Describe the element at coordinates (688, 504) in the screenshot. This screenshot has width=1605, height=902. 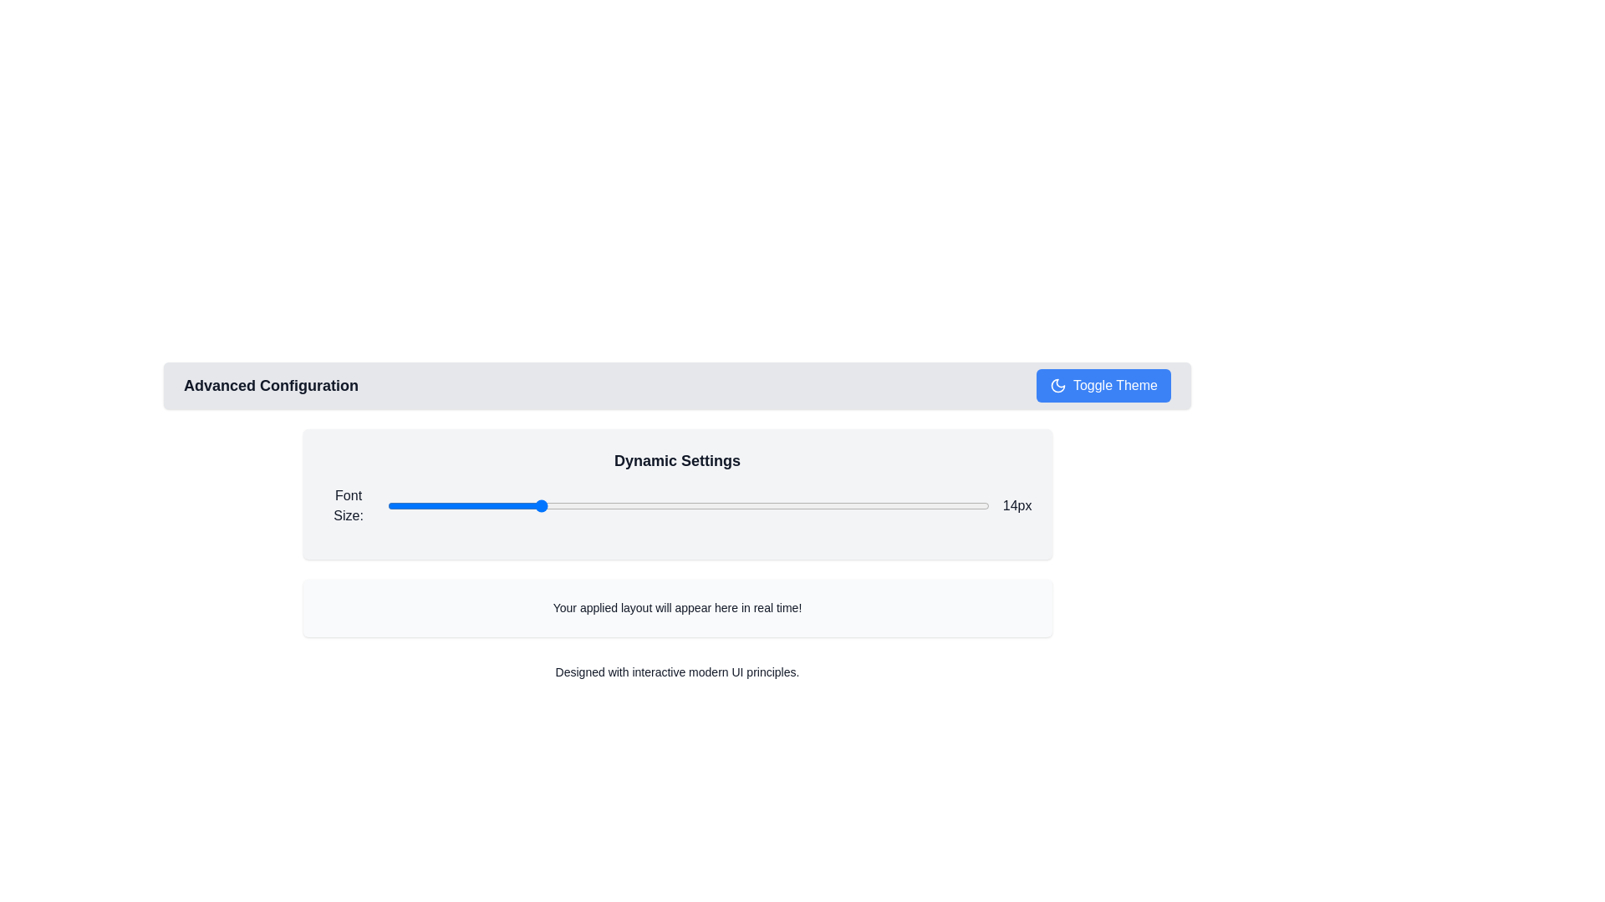
I see `the blue thumb of the horizontal slider located between 'Font Size:' and '14px' along the slider track` at that location.